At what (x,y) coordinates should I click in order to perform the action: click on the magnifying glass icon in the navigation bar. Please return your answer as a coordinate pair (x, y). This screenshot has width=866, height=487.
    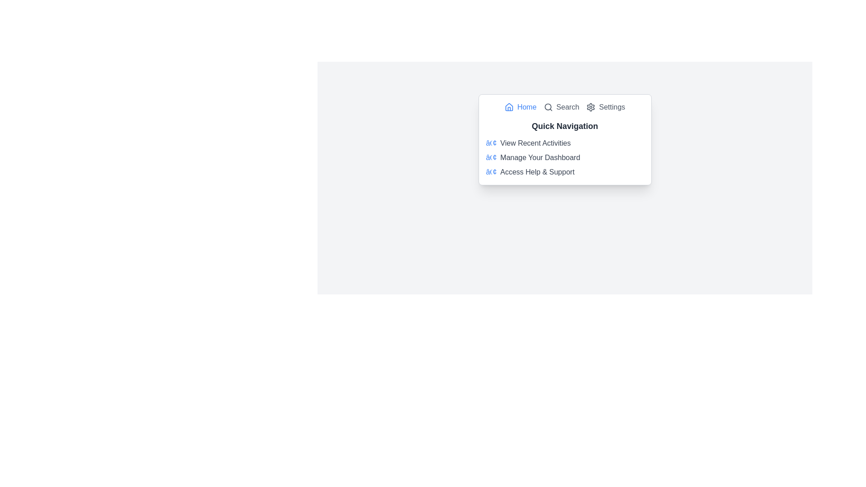
    Looking at the image, I should click on (548, 107).